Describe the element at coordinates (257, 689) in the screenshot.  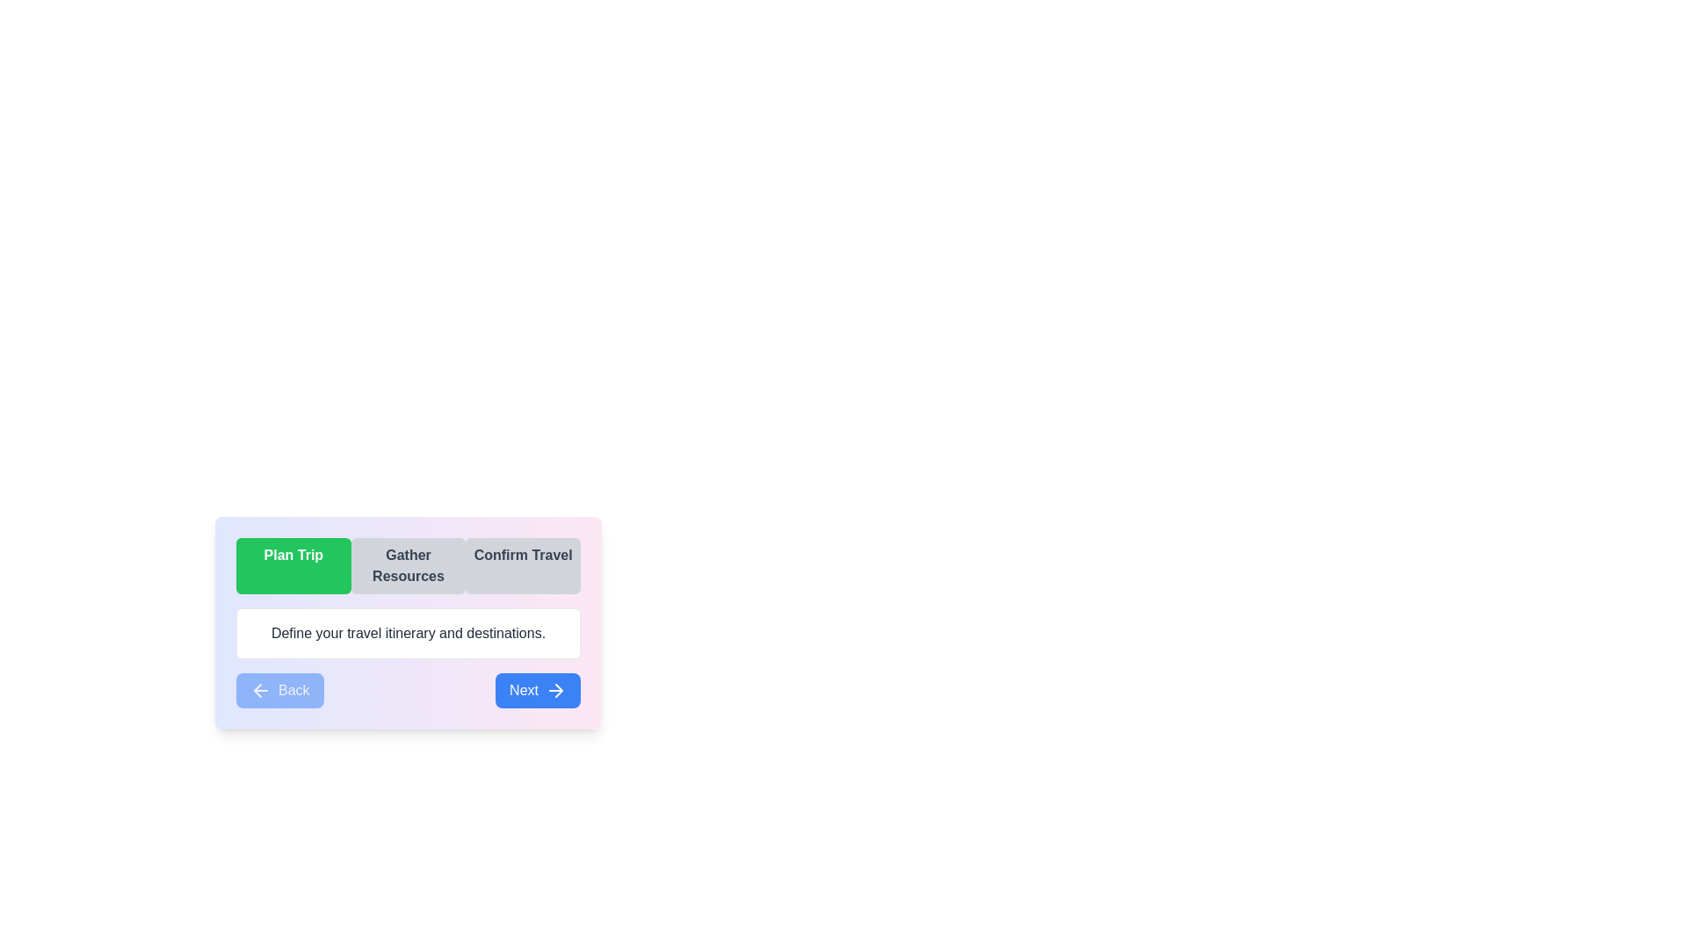
I see `the 'Back' button which contains the left arrow icon for backward navigation` at that location.